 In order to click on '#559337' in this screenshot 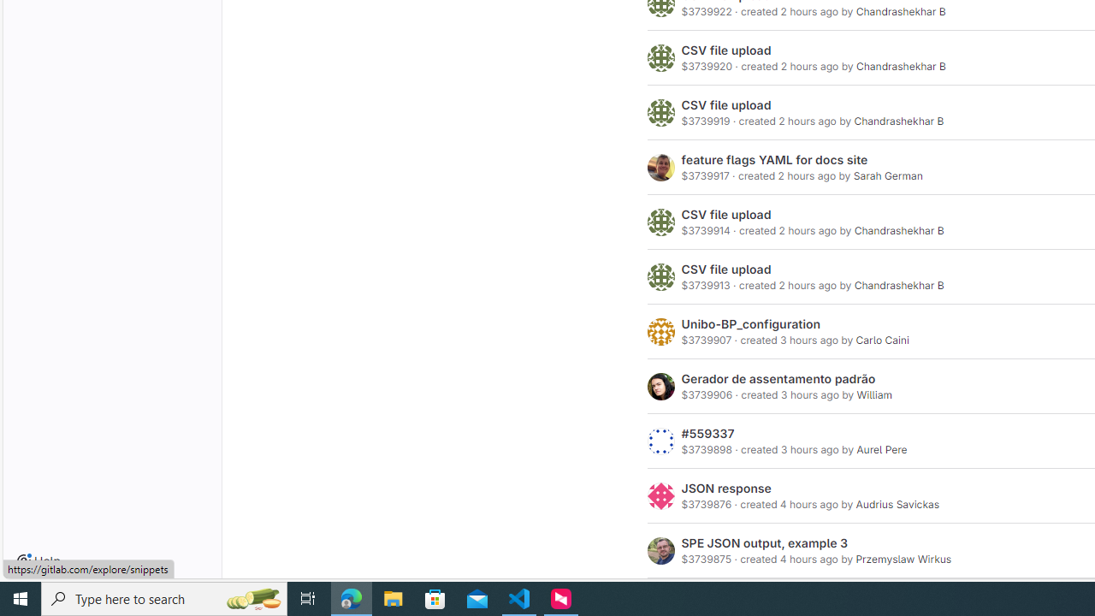, I will do `click(707, 433)`.